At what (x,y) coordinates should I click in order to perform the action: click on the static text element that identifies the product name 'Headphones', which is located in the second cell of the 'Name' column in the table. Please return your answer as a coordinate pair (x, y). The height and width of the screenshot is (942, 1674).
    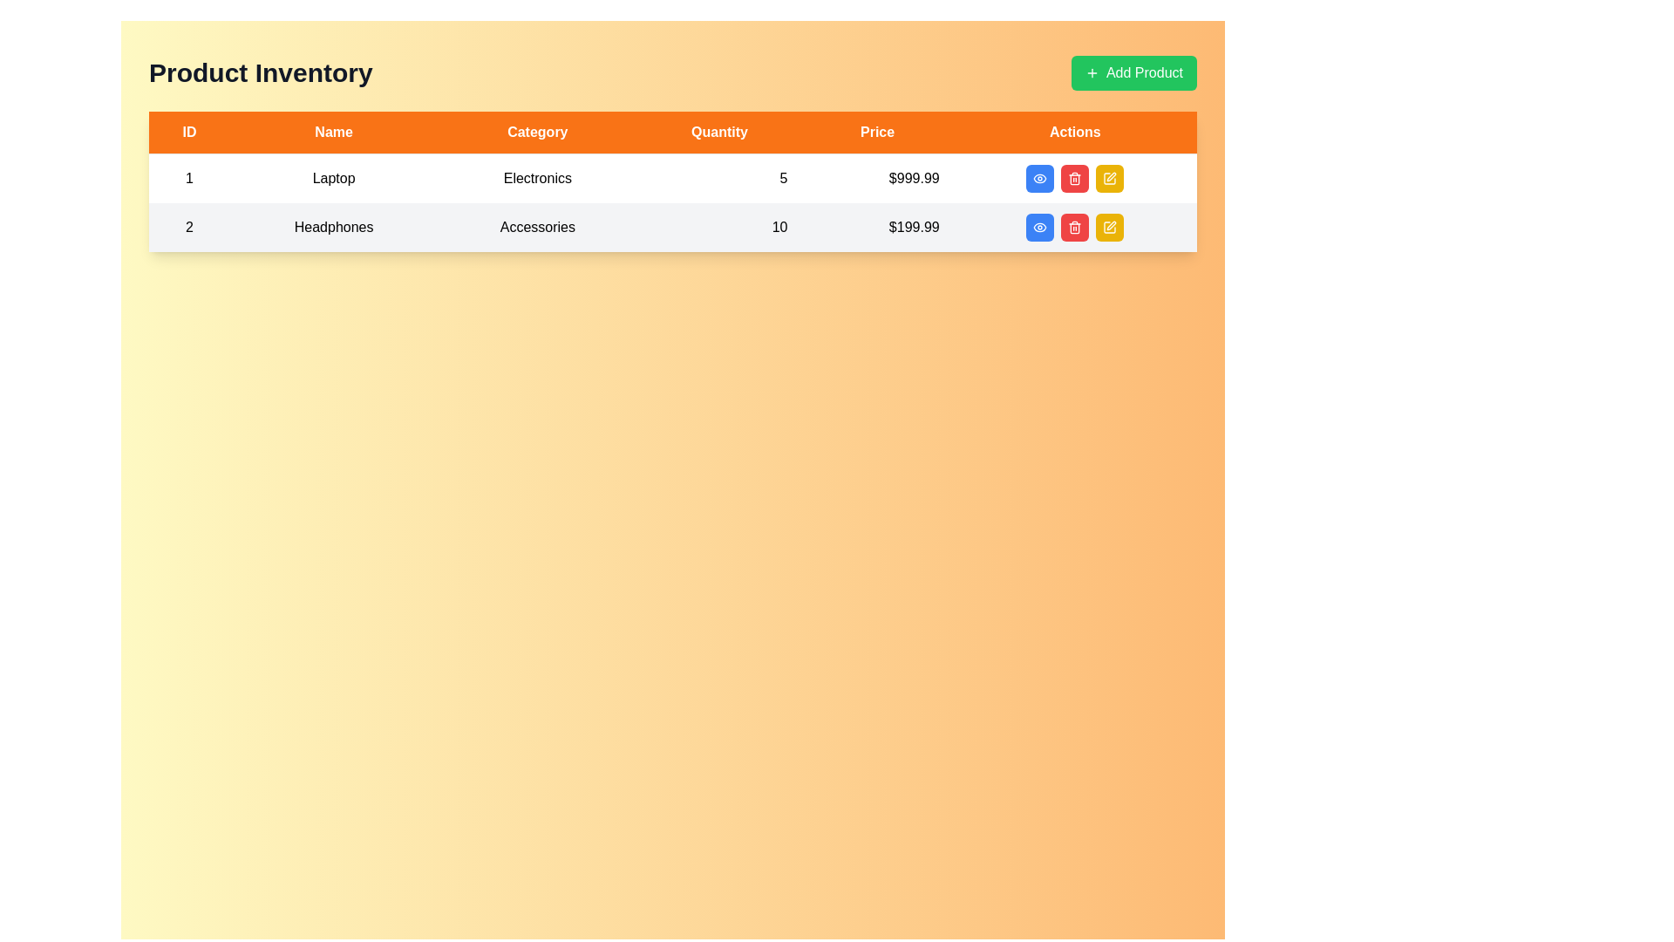
    Looking at the image, I should click on (334, 227).